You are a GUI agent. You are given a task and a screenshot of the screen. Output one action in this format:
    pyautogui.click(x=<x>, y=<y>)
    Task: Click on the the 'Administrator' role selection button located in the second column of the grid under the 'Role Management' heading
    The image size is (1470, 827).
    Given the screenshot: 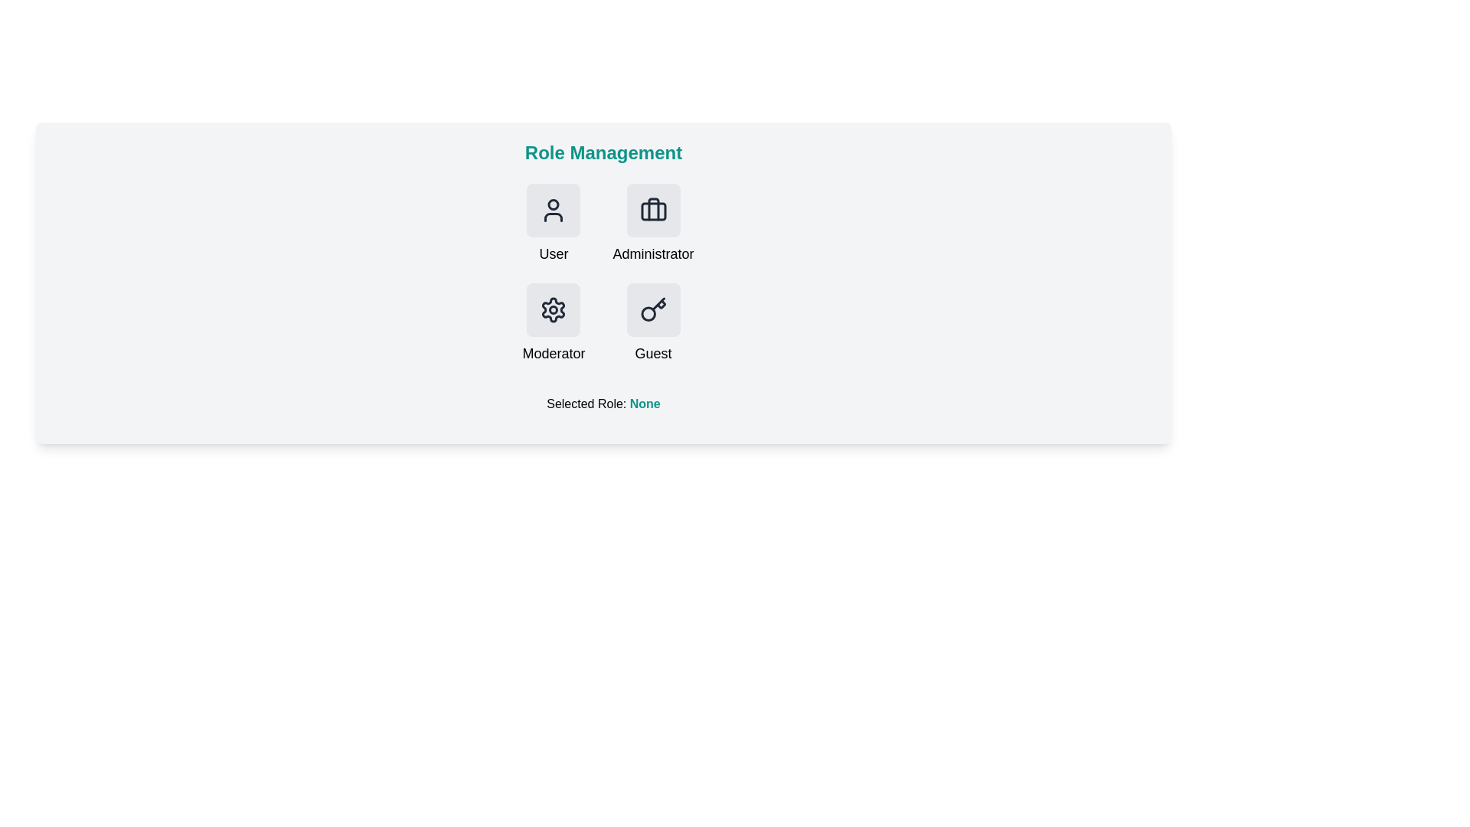 What is the action you would take?
    pyautogui.click(x=653, y=210)
    